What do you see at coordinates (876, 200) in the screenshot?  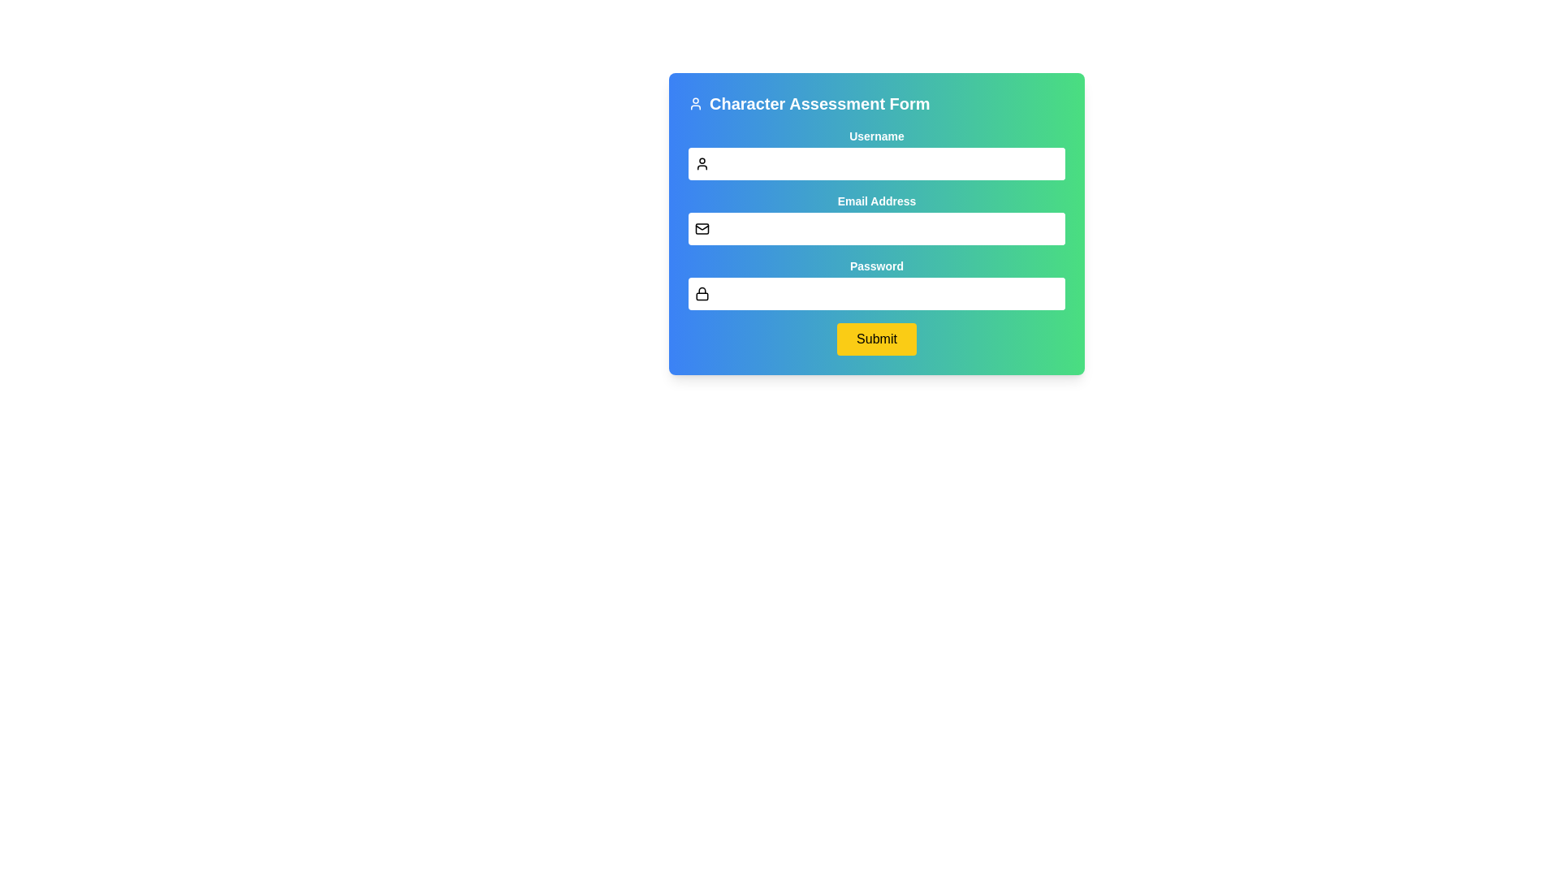 I see `text from the Text Label above the email input field, which indicates that the adjacent input field is for entering an email address` at bounding box center [876, 200].